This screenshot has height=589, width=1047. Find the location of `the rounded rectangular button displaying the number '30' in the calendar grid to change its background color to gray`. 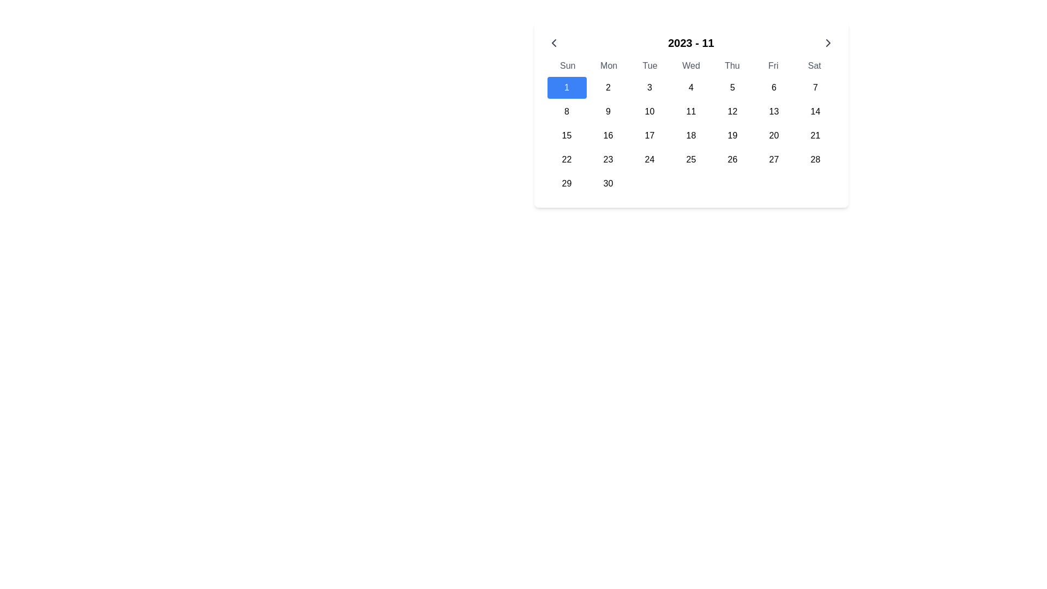

the rounded rectangular button displaying the number '30' in the calendar grid to change its background color to gray is located at coordinates (607, 183).